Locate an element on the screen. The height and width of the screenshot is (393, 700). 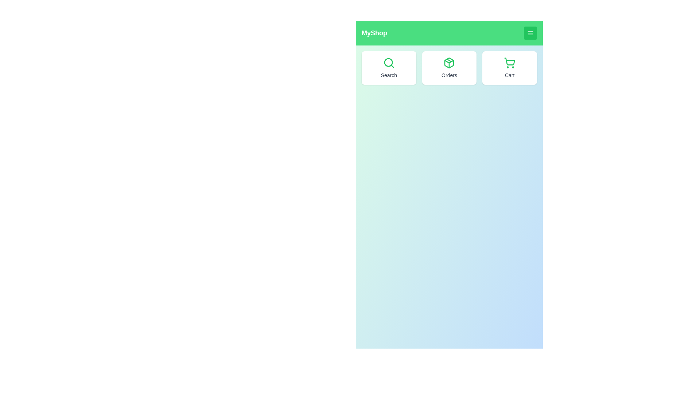
the 'Search' button to explore the search functionality is located at coordinates (388, 68).